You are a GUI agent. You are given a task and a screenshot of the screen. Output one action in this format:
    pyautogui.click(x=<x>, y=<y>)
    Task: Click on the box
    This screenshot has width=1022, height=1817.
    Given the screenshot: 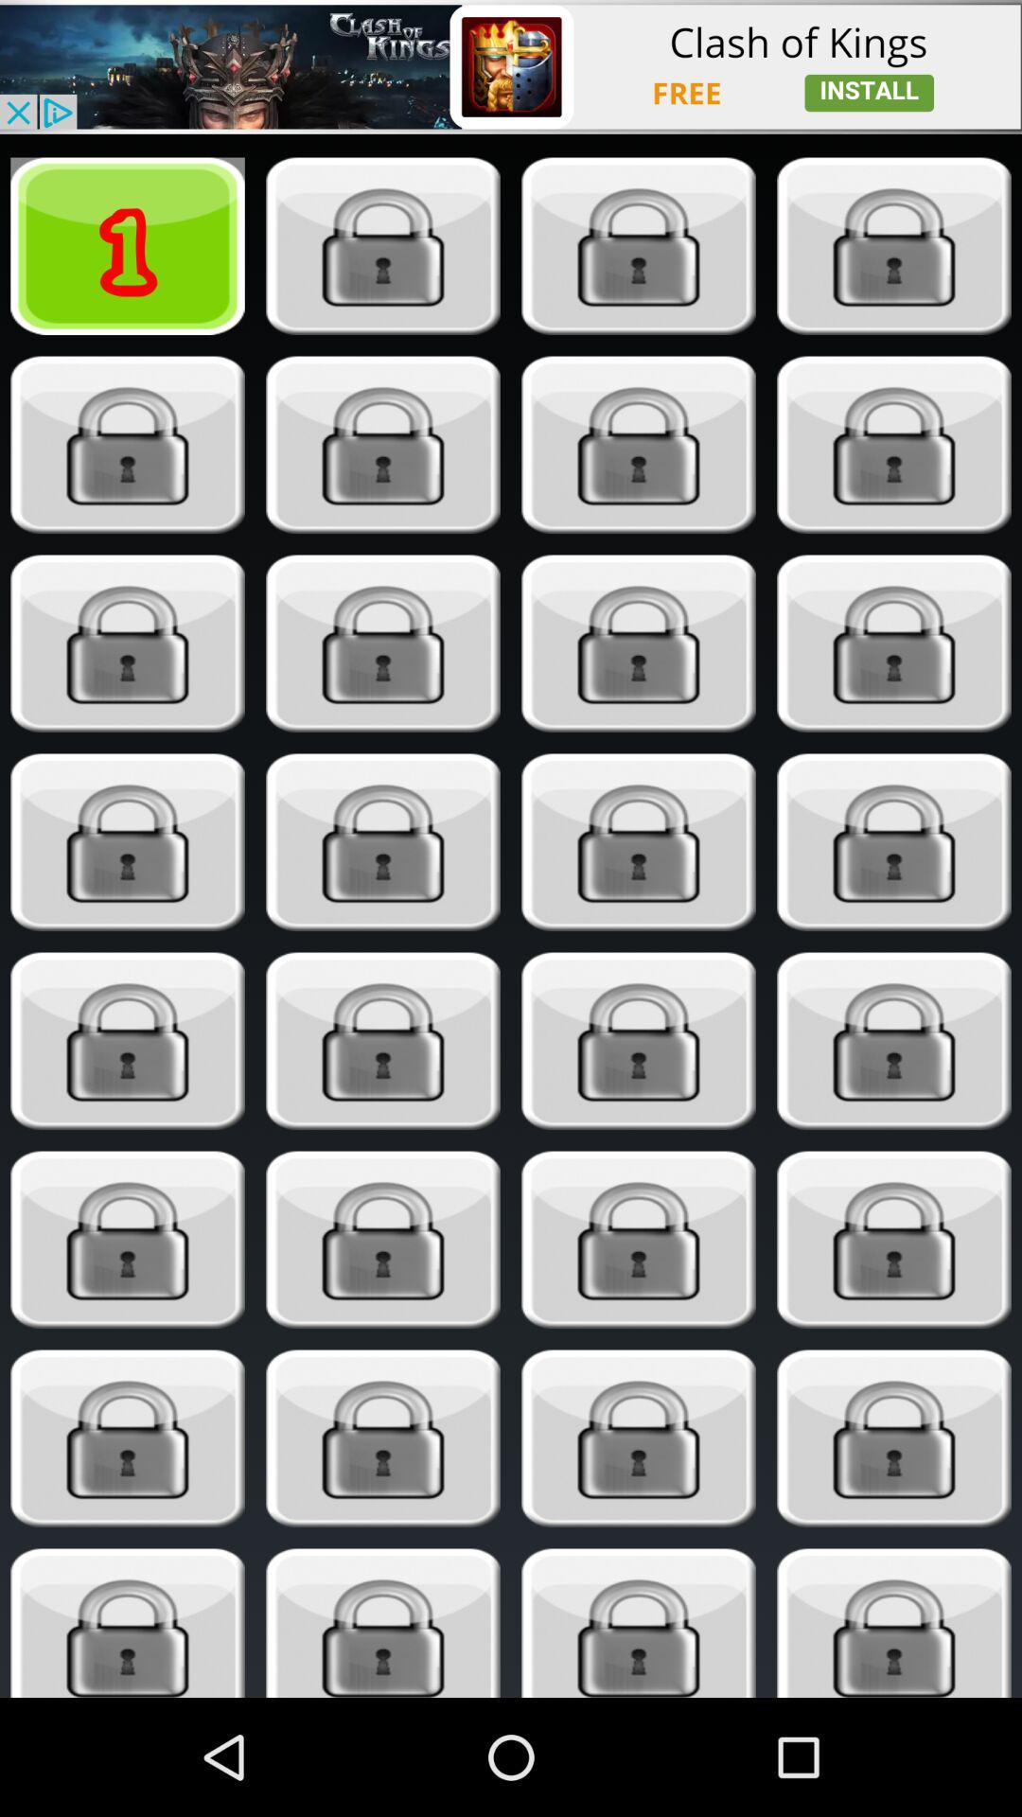 What is the action you would take?
    pyautogui.click(x=128, y=1040)
    